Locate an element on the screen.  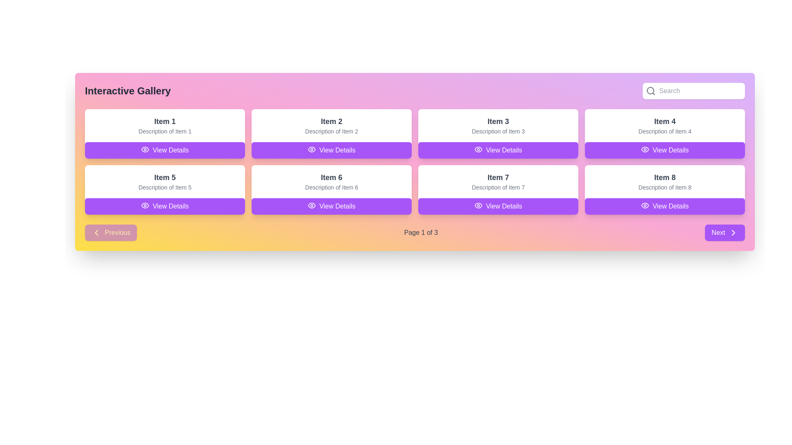
SVG icon resembling an eye that is part of the 'View Details' button for 'Item 4' in the gallery grid, located in the second row and fourth column, by using developer tools is located at coordinates (645, 149).